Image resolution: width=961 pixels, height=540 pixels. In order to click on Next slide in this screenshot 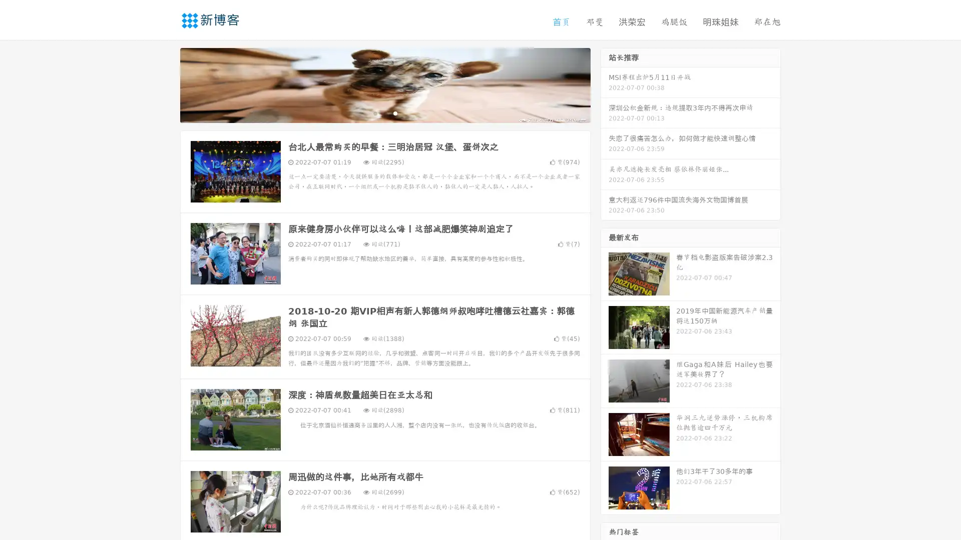, I will do `click(605, 84)`.